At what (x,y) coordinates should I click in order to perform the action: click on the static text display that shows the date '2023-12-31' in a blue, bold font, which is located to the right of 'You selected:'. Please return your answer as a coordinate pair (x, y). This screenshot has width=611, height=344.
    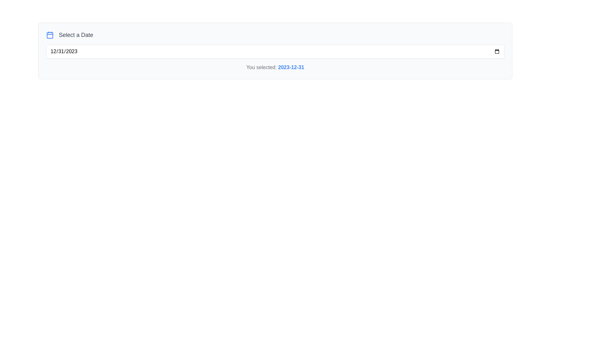
    Looking at the image, I should click on (291, 67).